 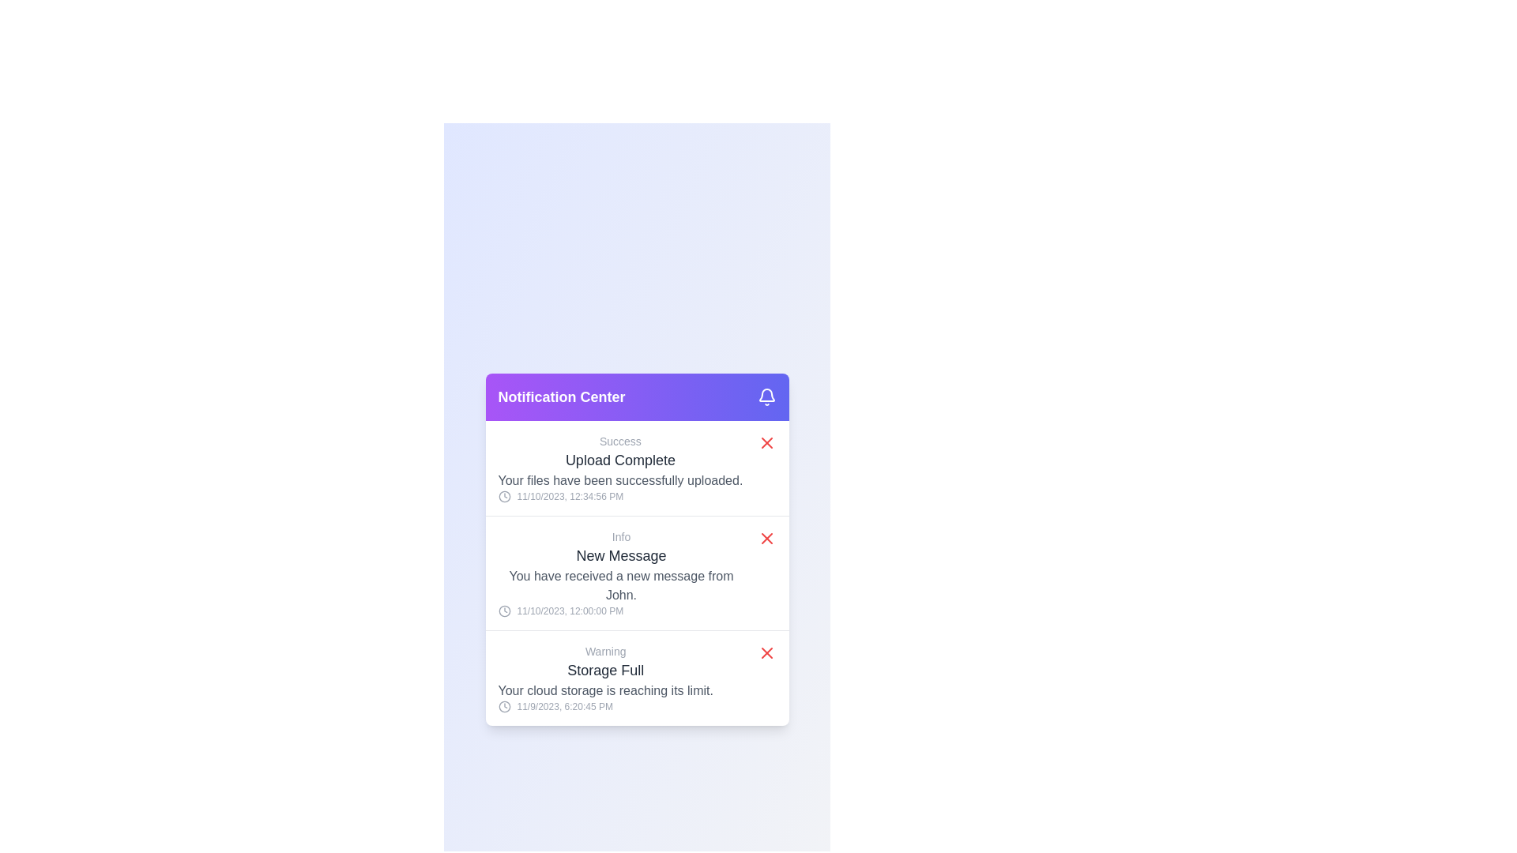 I want to click on the Text Label that conveys a successful state or confirmation message indicating that a file upload operation has been successfully completed. This label is located directly below a smaller 'Success' label in the middle of the 'Notification Center' card, so click(x=619, y=460).